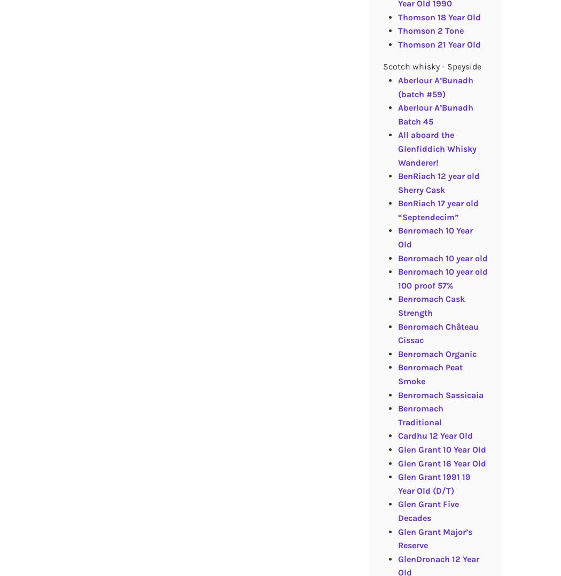  I want to click on 'Benromach Peat Smoke', so click(397, 373).